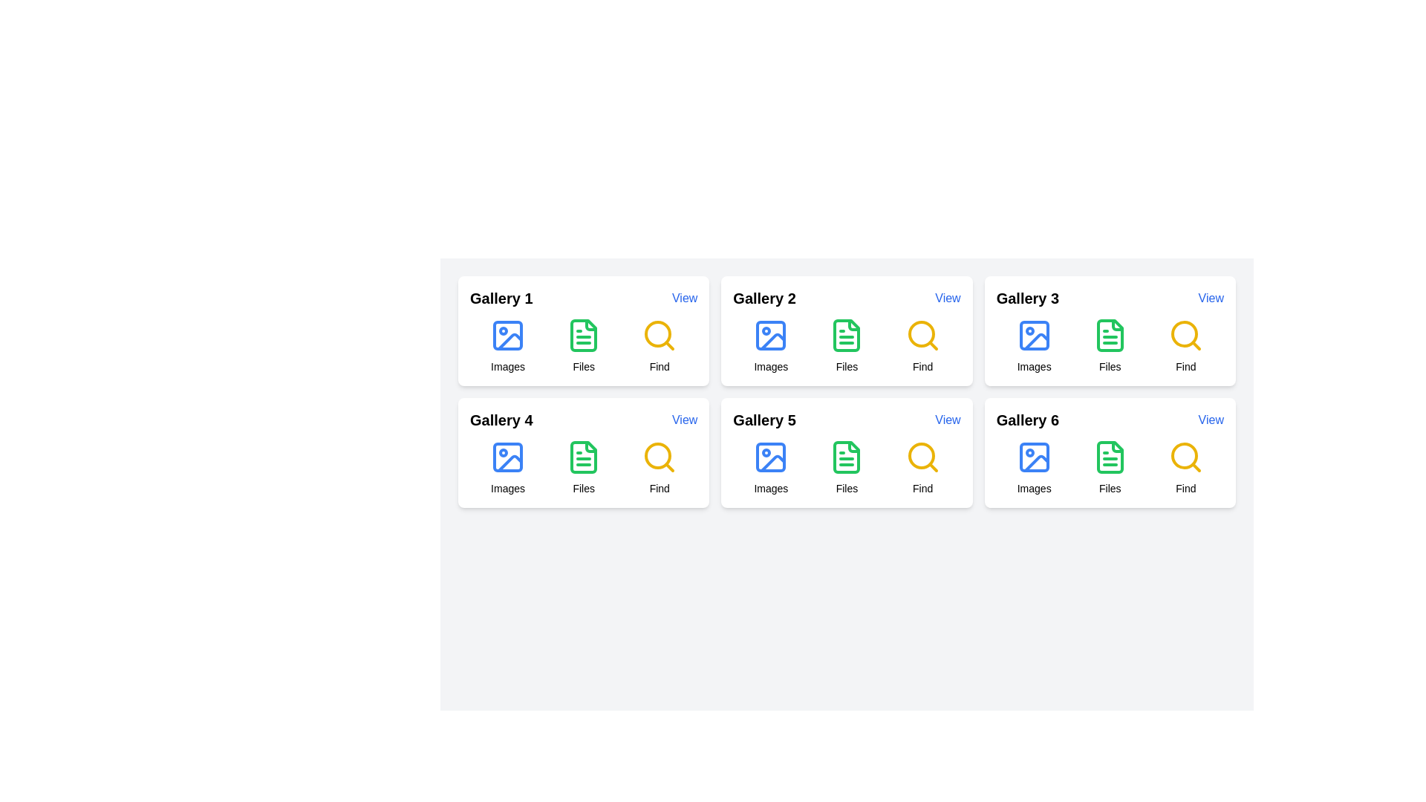 The width and height of the screenshot is (1426, 802). What do you see at coordinates (772, 463) in the screenshot?
I see `the curved checkmark-like graphic shape integrated within the blue rectangular image icon located in the 'Gallery 5' card, specifically positioned in the lower portion of the icon` at bounding box center [772, 463].